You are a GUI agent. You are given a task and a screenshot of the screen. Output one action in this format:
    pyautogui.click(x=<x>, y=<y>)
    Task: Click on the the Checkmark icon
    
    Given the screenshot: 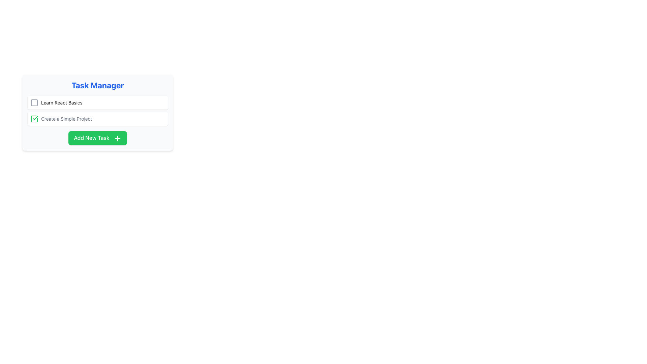 What is the action you would take?
    pyautogui.click(x=34, y=119)
    